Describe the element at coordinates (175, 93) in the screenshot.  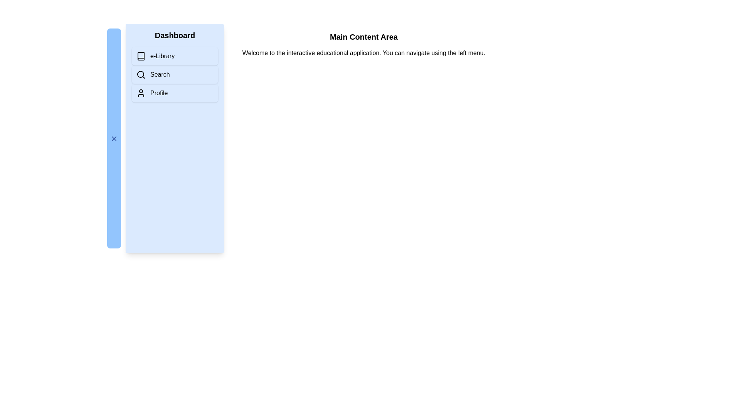
I see `the third list item in the left-side navigation panel to observe its hover effects` at that location.